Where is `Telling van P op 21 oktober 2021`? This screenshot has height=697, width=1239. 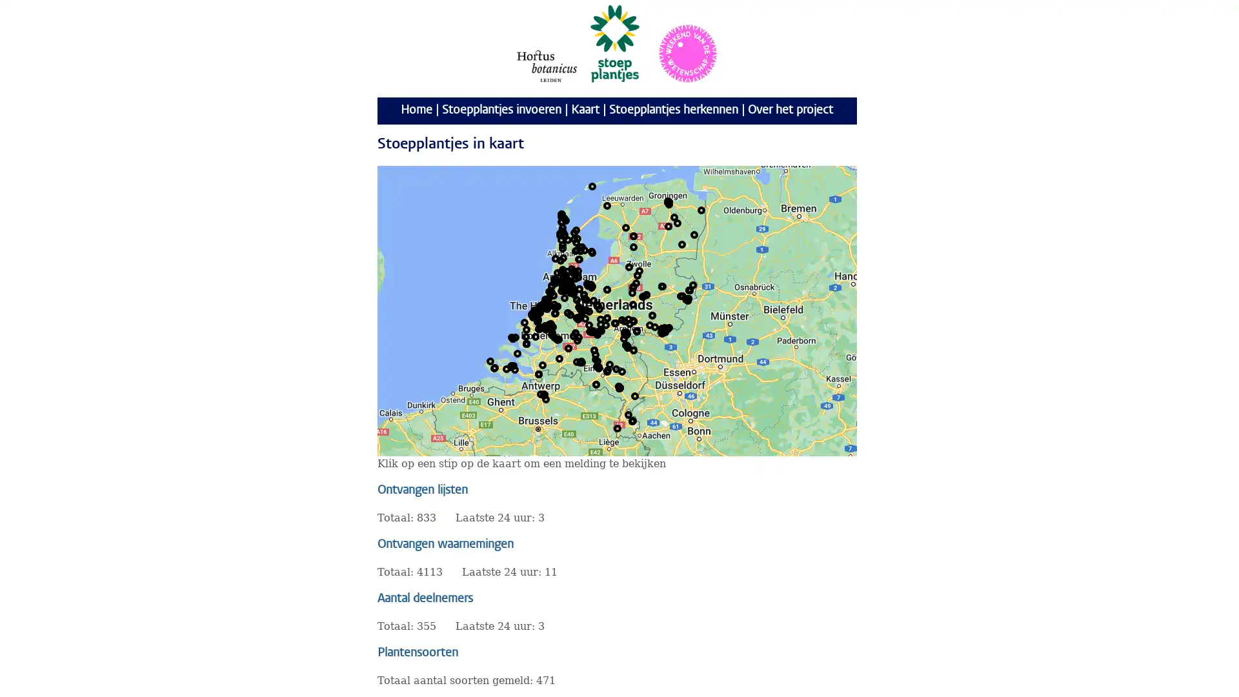
Telling van P op 21 oktober 2021 is located at coordinates (566, 285).